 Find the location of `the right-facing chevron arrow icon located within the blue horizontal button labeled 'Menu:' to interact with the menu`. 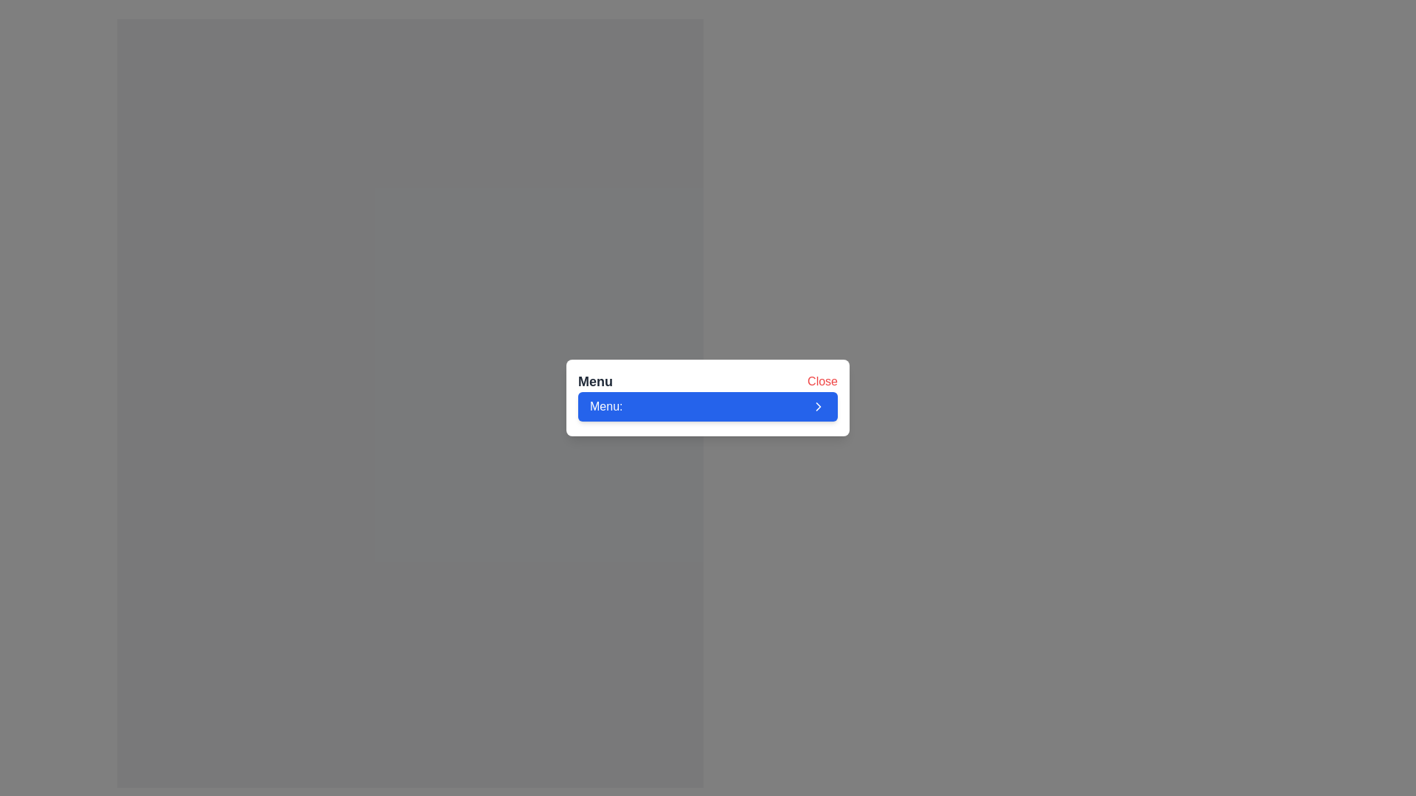

the right-facing chevron arrow icon located within the blue horizontal button labeled 'Menu:' to interact with the menu is located at coordinates (817, 406).